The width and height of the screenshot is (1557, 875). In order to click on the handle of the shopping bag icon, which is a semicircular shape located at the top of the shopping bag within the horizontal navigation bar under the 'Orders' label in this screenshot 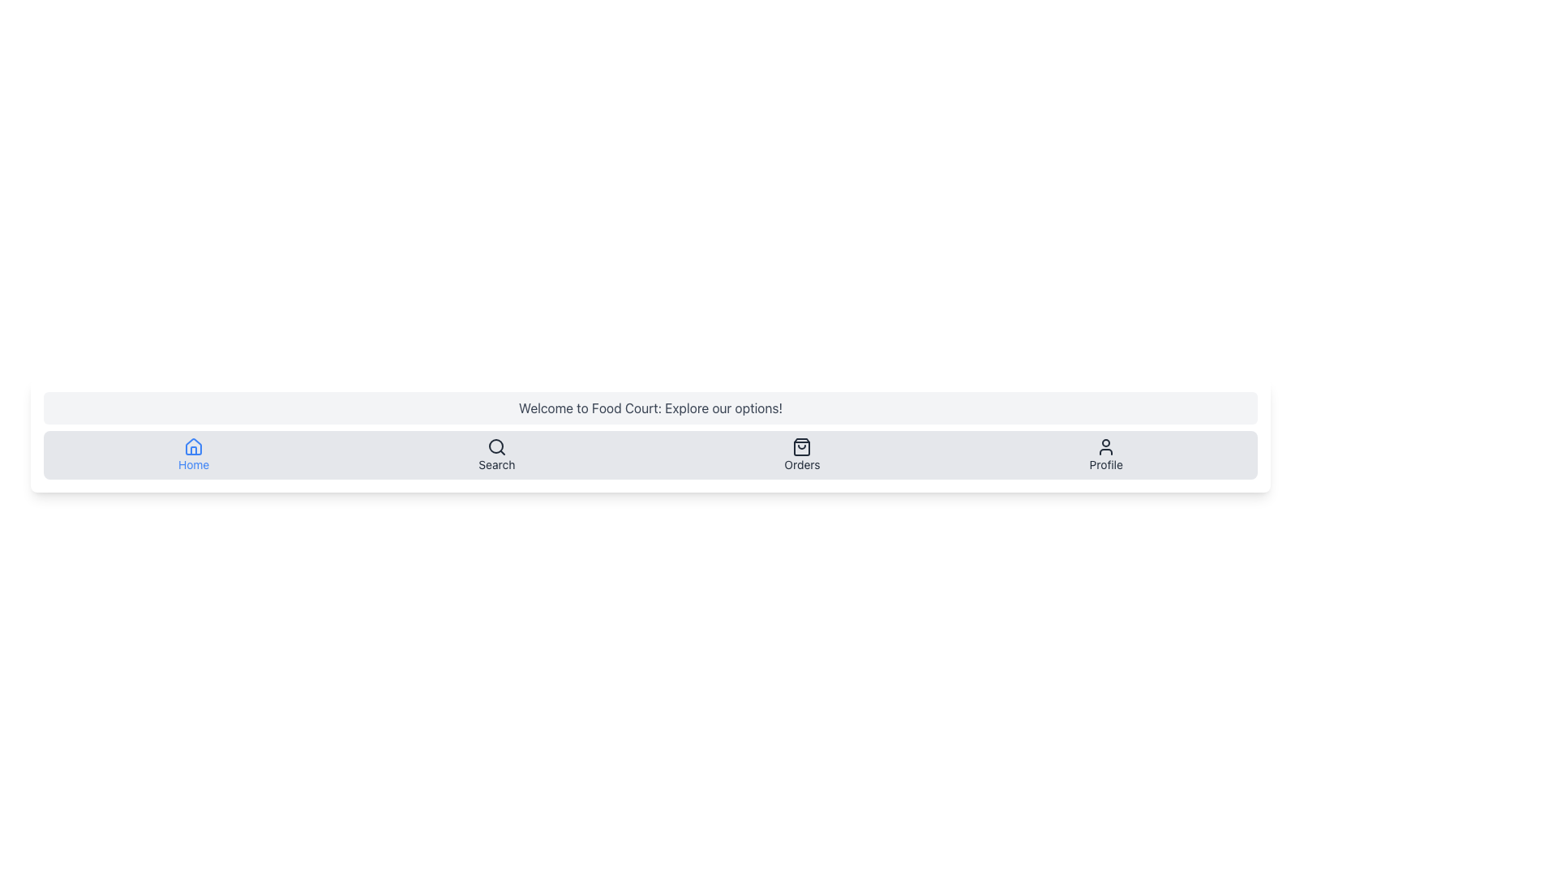, I will do `click(802, 446)`.